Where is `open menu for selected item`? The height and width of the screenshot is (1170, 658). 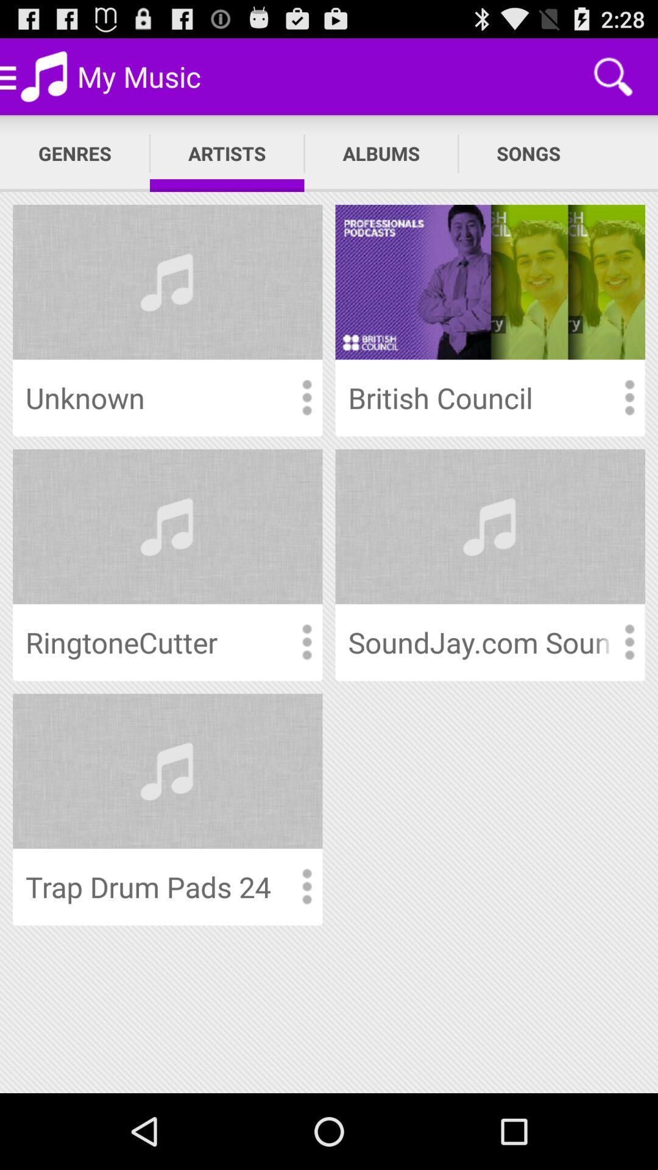
open menu for selected item is located at coordinates (629, 642).